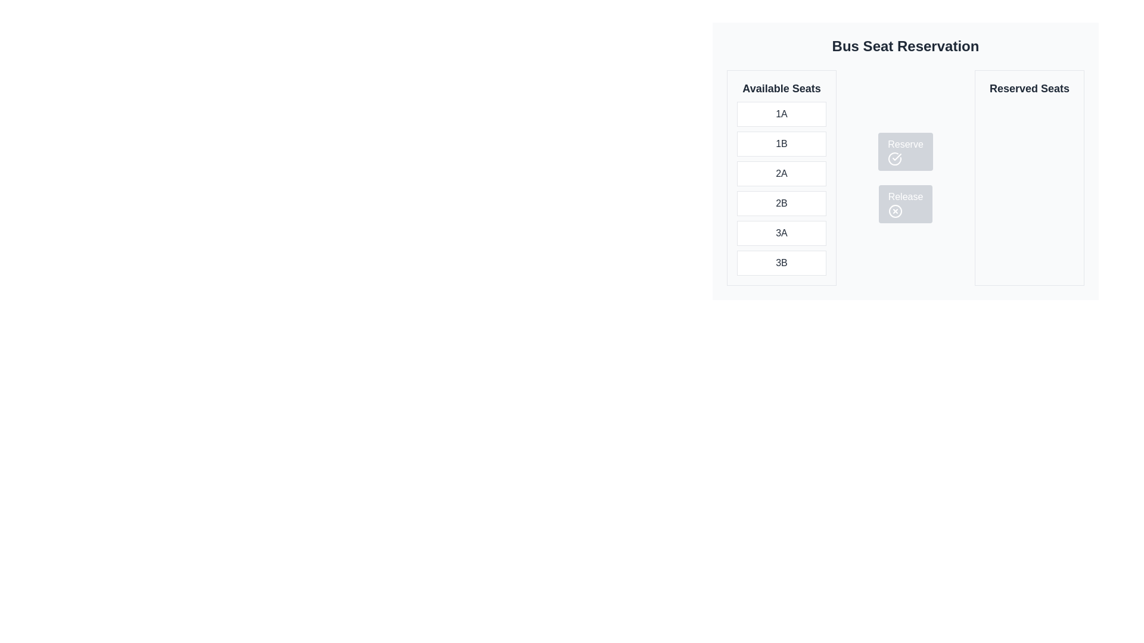 The width and height of the screenshot is (1144, 643). I want to click on the button labeled '1A' located, so click(781, 114).